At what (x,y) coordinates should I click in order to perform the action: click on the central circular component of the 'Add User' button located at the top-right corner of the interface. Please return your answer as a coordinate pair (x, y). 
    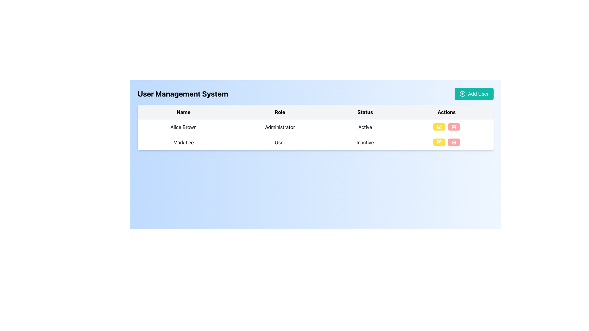
    Looking at the image, I should click on (462, 93).